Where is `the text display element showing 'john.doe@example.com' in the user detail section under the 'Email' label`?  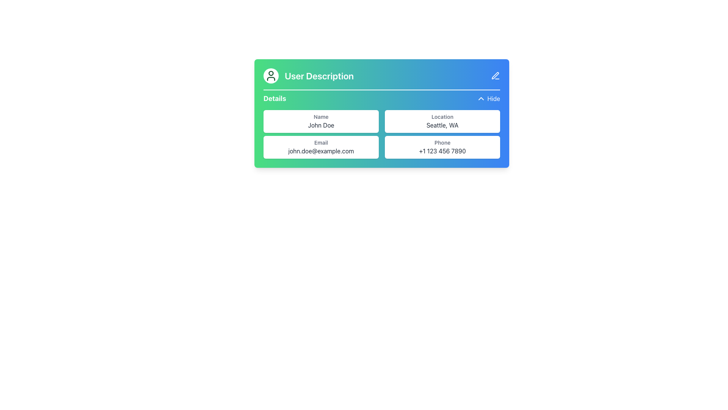
the text display element showing 'john.doe@example.com' in the user detail section under the 'Email' label is located at coordinates (321, 151).